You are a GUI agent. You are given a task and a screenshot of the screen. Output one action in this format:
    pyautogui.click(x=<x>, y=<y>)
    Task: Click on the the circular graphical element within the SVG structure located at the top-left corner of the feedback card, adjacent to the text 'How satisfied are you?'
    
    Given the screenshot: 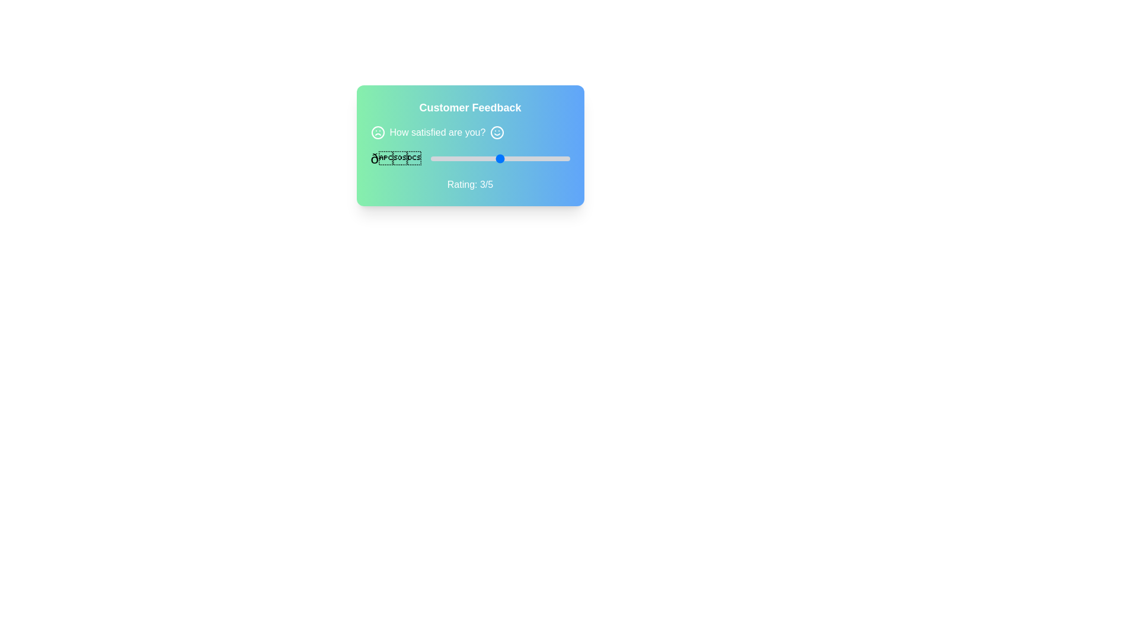 What is the action you would take?
    pyautogui.click(x=377, y=132)
    